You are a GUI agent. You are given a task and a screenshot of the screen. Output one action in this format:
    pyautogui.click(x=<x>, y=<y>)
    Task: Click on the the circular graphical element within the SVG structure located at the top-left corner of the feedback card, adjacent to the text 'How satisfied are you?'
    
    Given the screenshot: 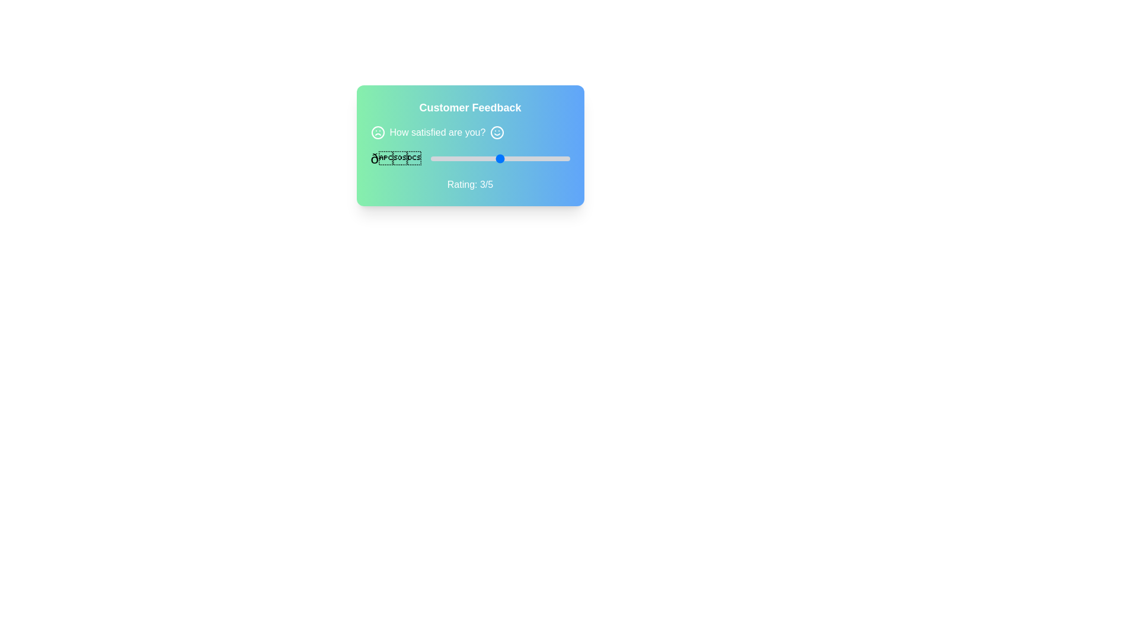 What is the action you would take?
    pyautogui.click(x=377, y=132)
    